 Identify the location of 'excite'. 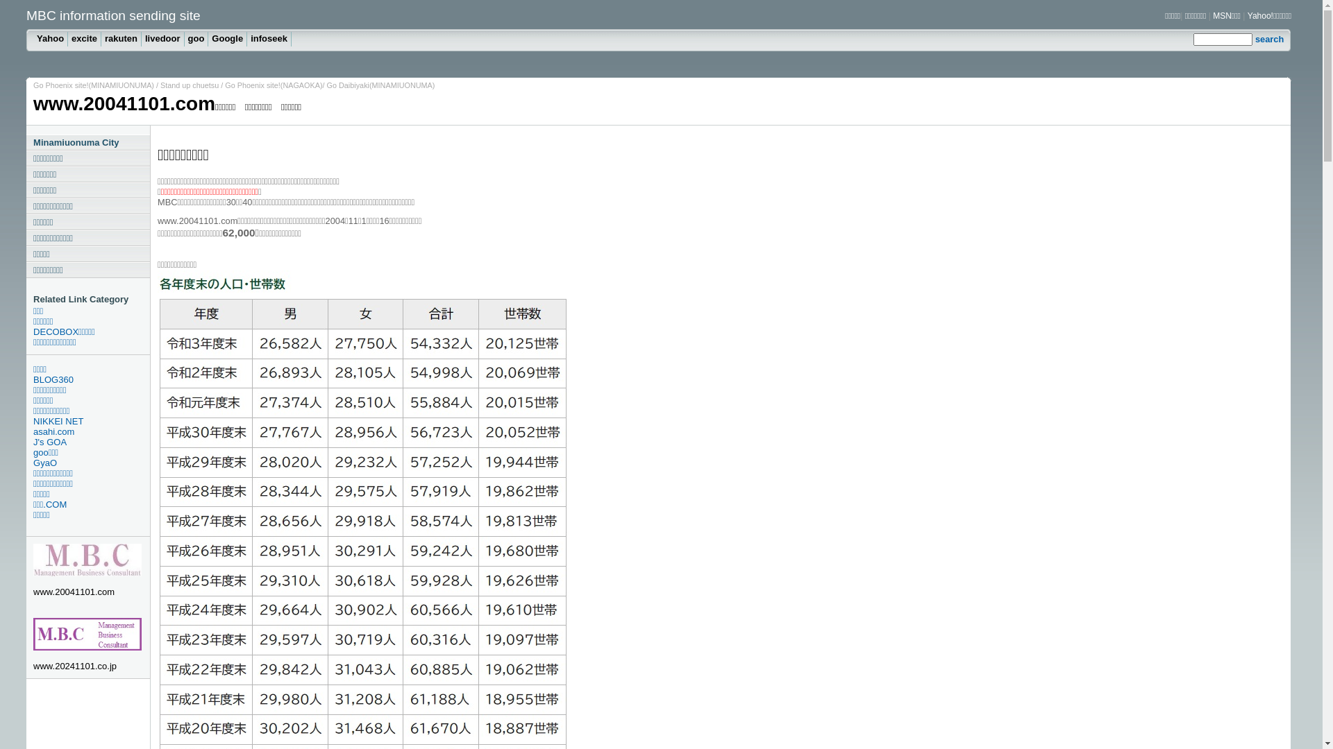
(83, 38).